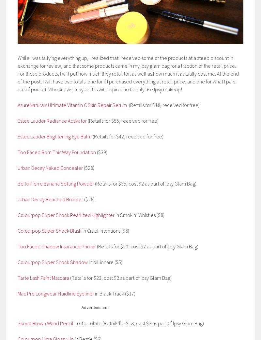 The width and height of the screenshot is (261, 340). What do you see at coordinates (138, 323) in the screenshot?
I see `'in Chocolate (Retails for $18, cost $2 as part of Ipsy Glam Bag)'` at bounding box center [138, 323].